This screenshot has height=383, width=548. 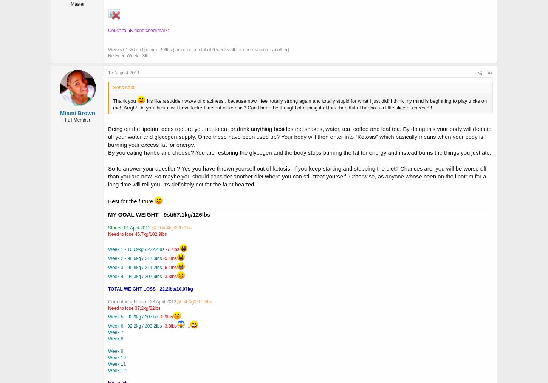 I want to click on '-5.1lbs', so click(x=169, y=258).